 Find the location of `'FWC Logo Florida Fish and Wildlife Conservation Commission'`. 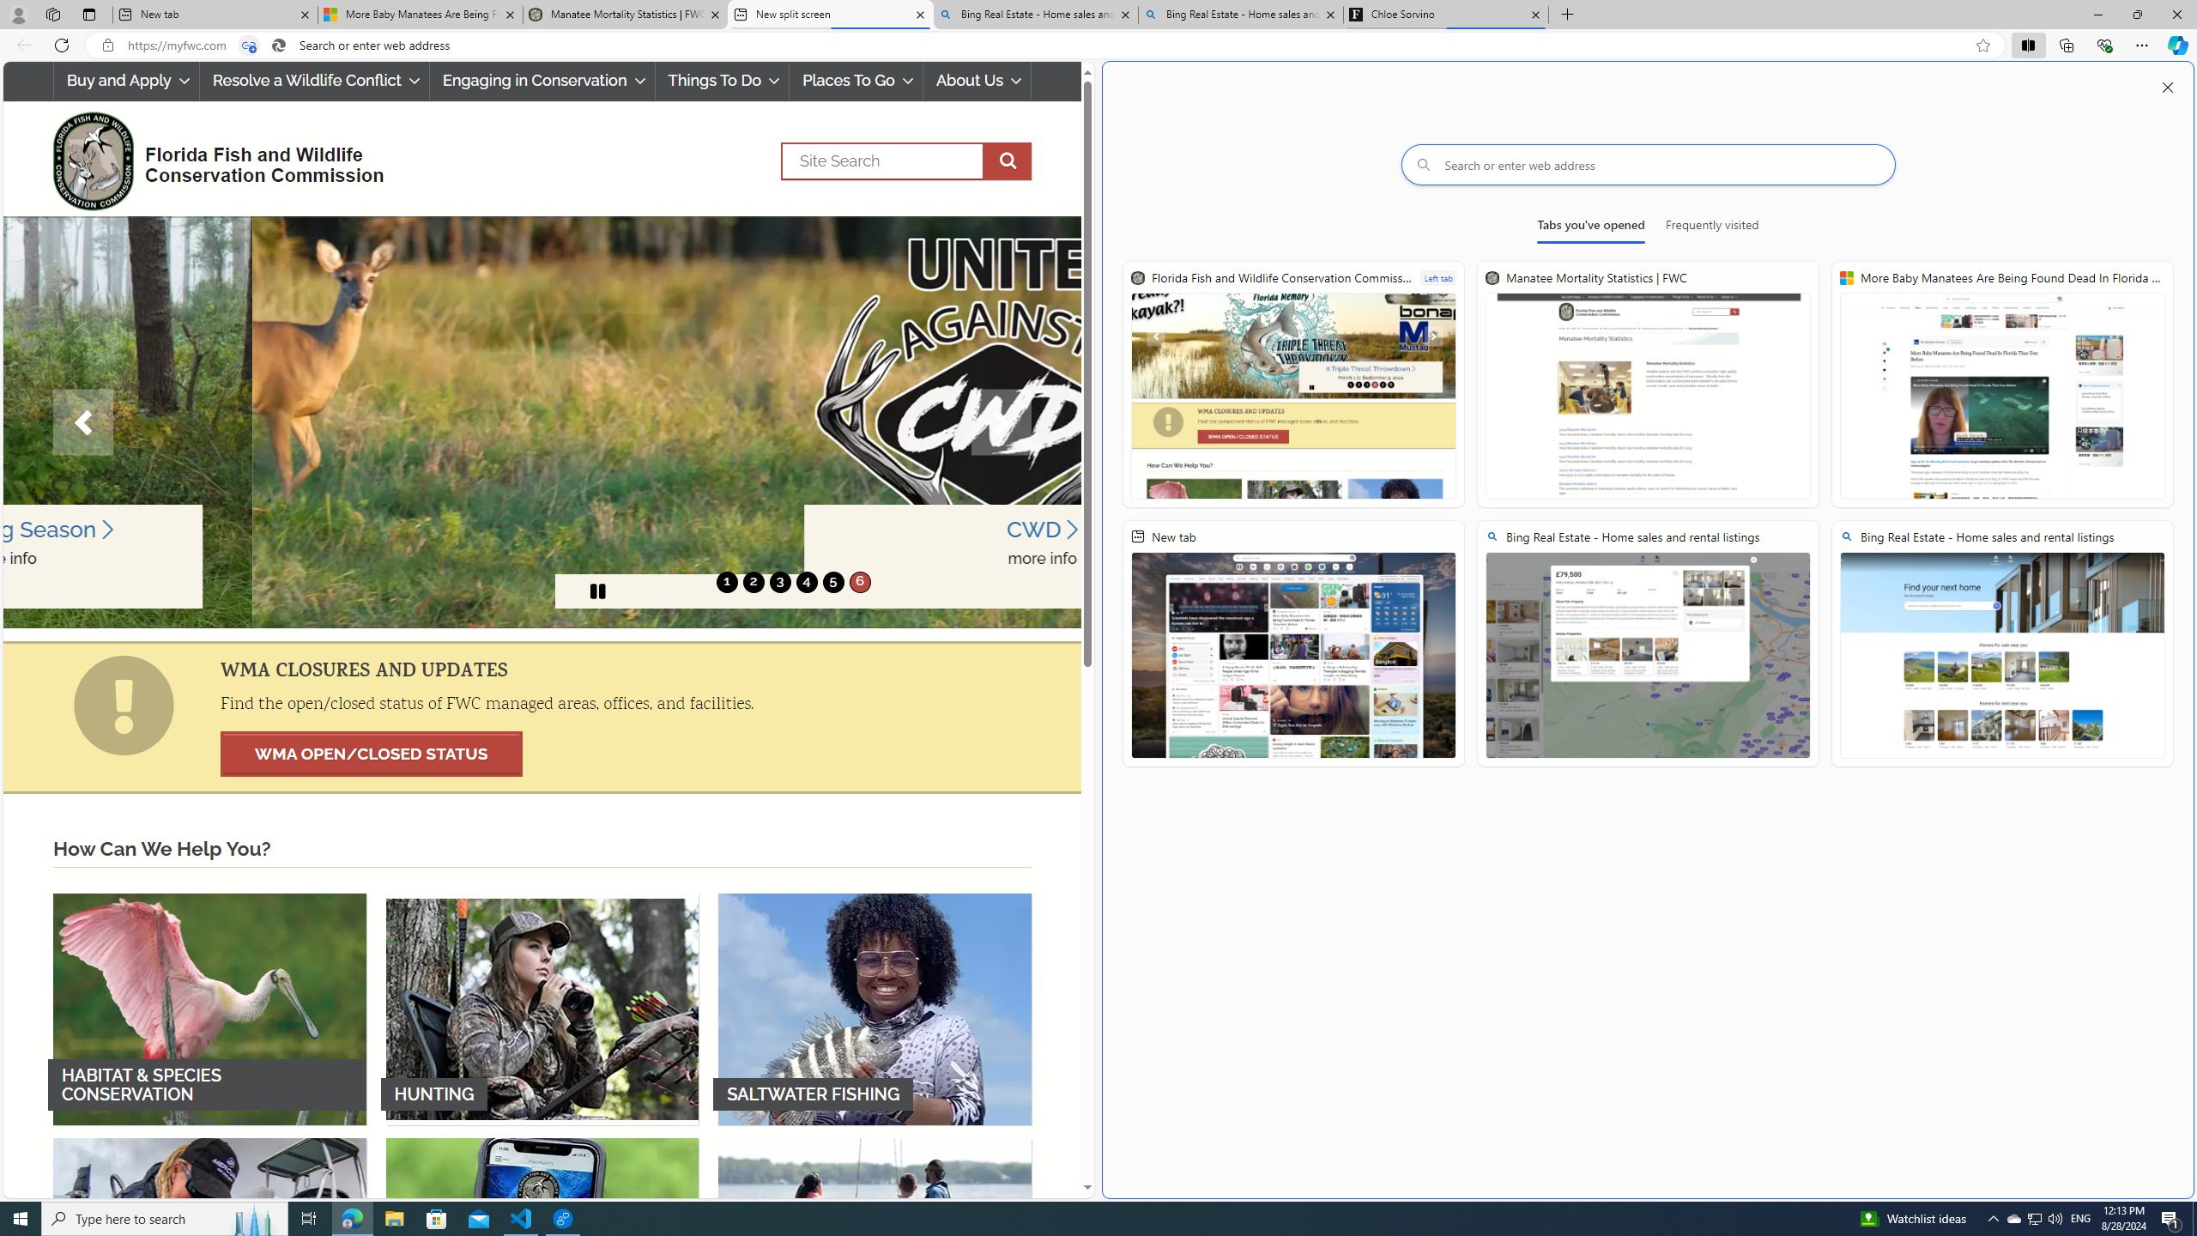

'FWC Logo Florida Fish and Wildlife Conservation Commission' is located at coordinates (209, 158).